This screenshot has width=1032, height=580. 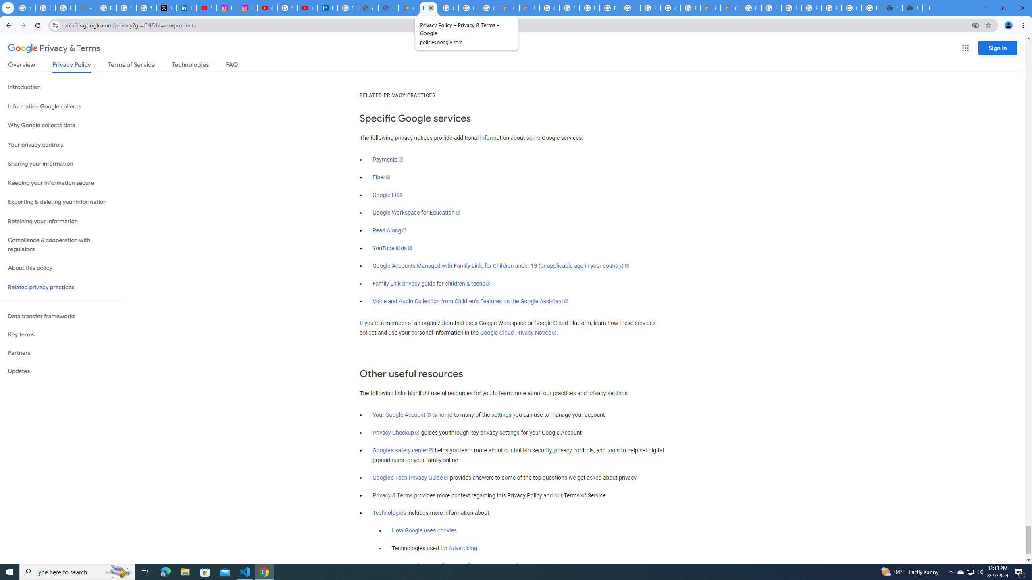 I want to click on 'Partners', so click(x=61, y=353).